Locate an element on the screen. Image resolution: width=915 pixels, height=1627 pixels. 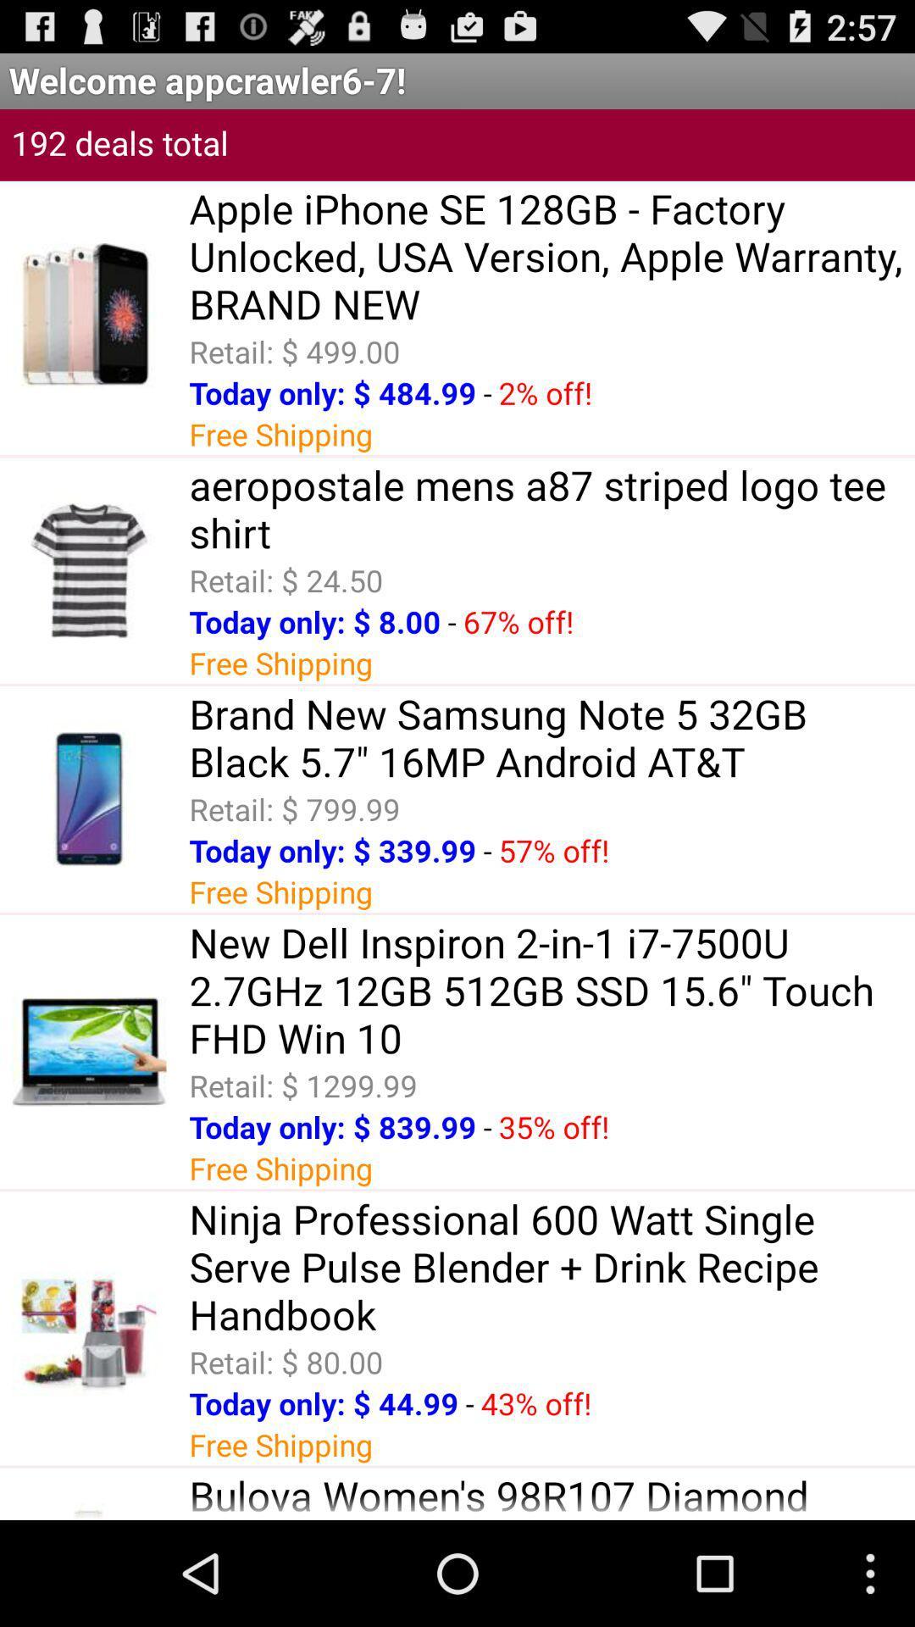
item next to today only 8 icon is located at coordinates (451, 620).